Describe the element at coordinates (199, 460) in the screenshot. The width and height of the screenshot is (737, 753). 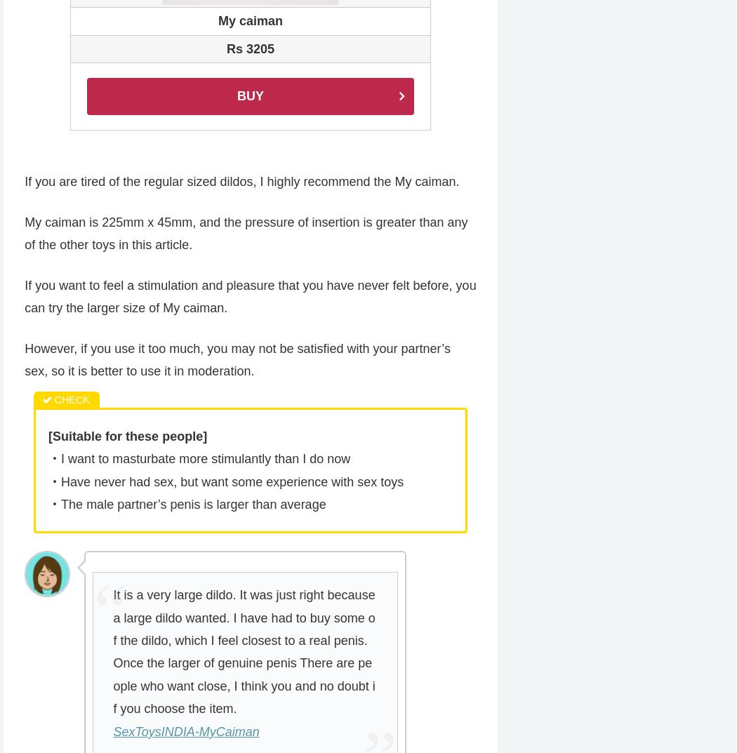
I see `'・I want to masturbate more stimulantly than I do now'` at that location.